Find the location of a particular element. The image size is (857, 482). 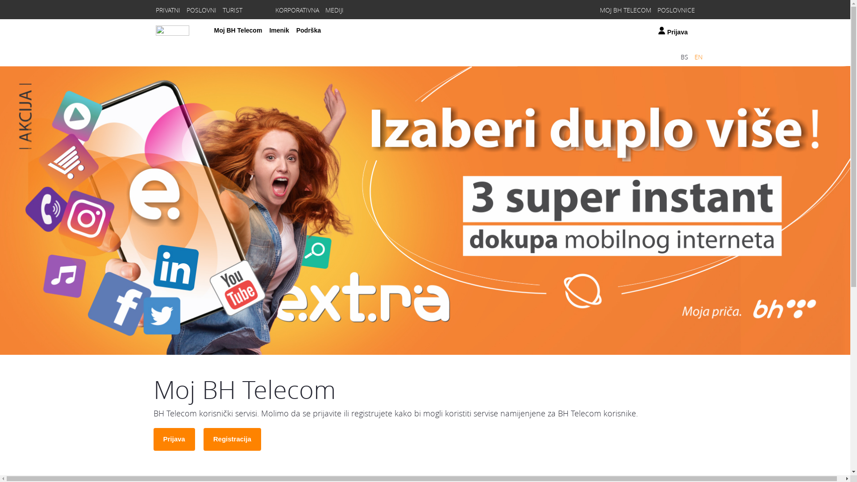

'TURIST' is located at coordinates (232, 10).